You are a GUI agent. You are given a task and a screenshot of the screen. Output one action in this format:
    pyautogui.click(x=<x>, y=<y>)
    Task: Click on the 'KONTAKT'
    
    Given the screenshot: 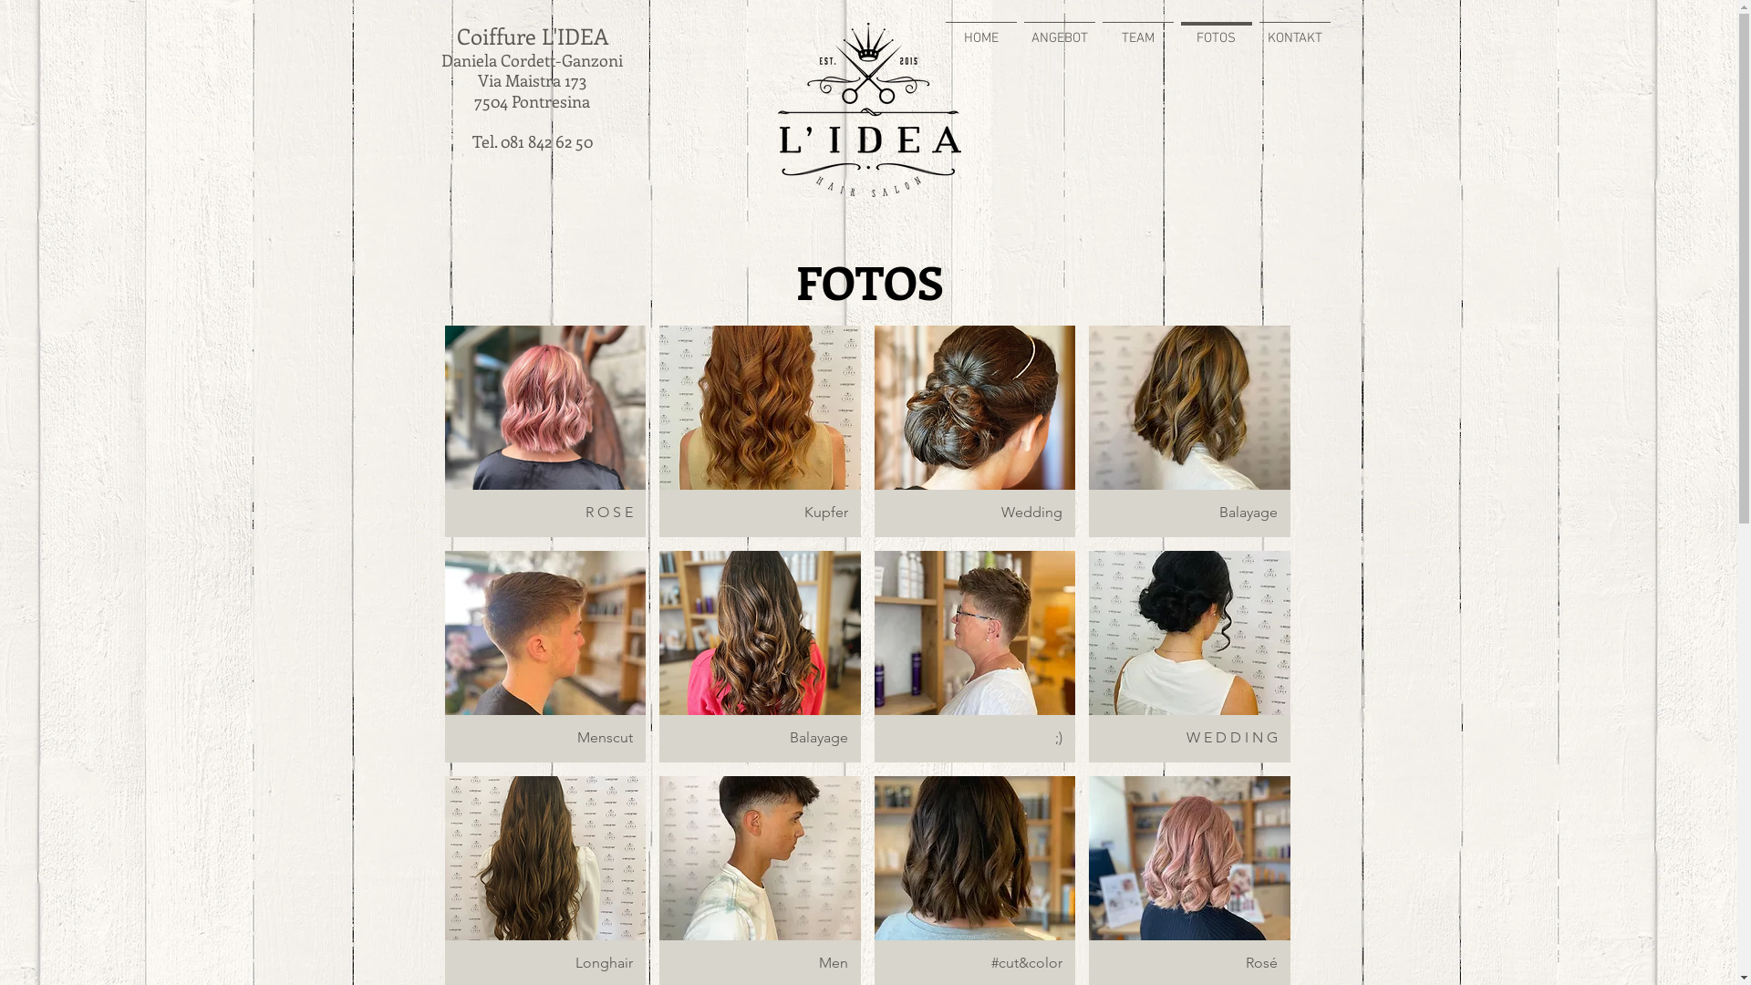 What is the action you would take?
    pyautogui.click(x=1293, y=30)
    